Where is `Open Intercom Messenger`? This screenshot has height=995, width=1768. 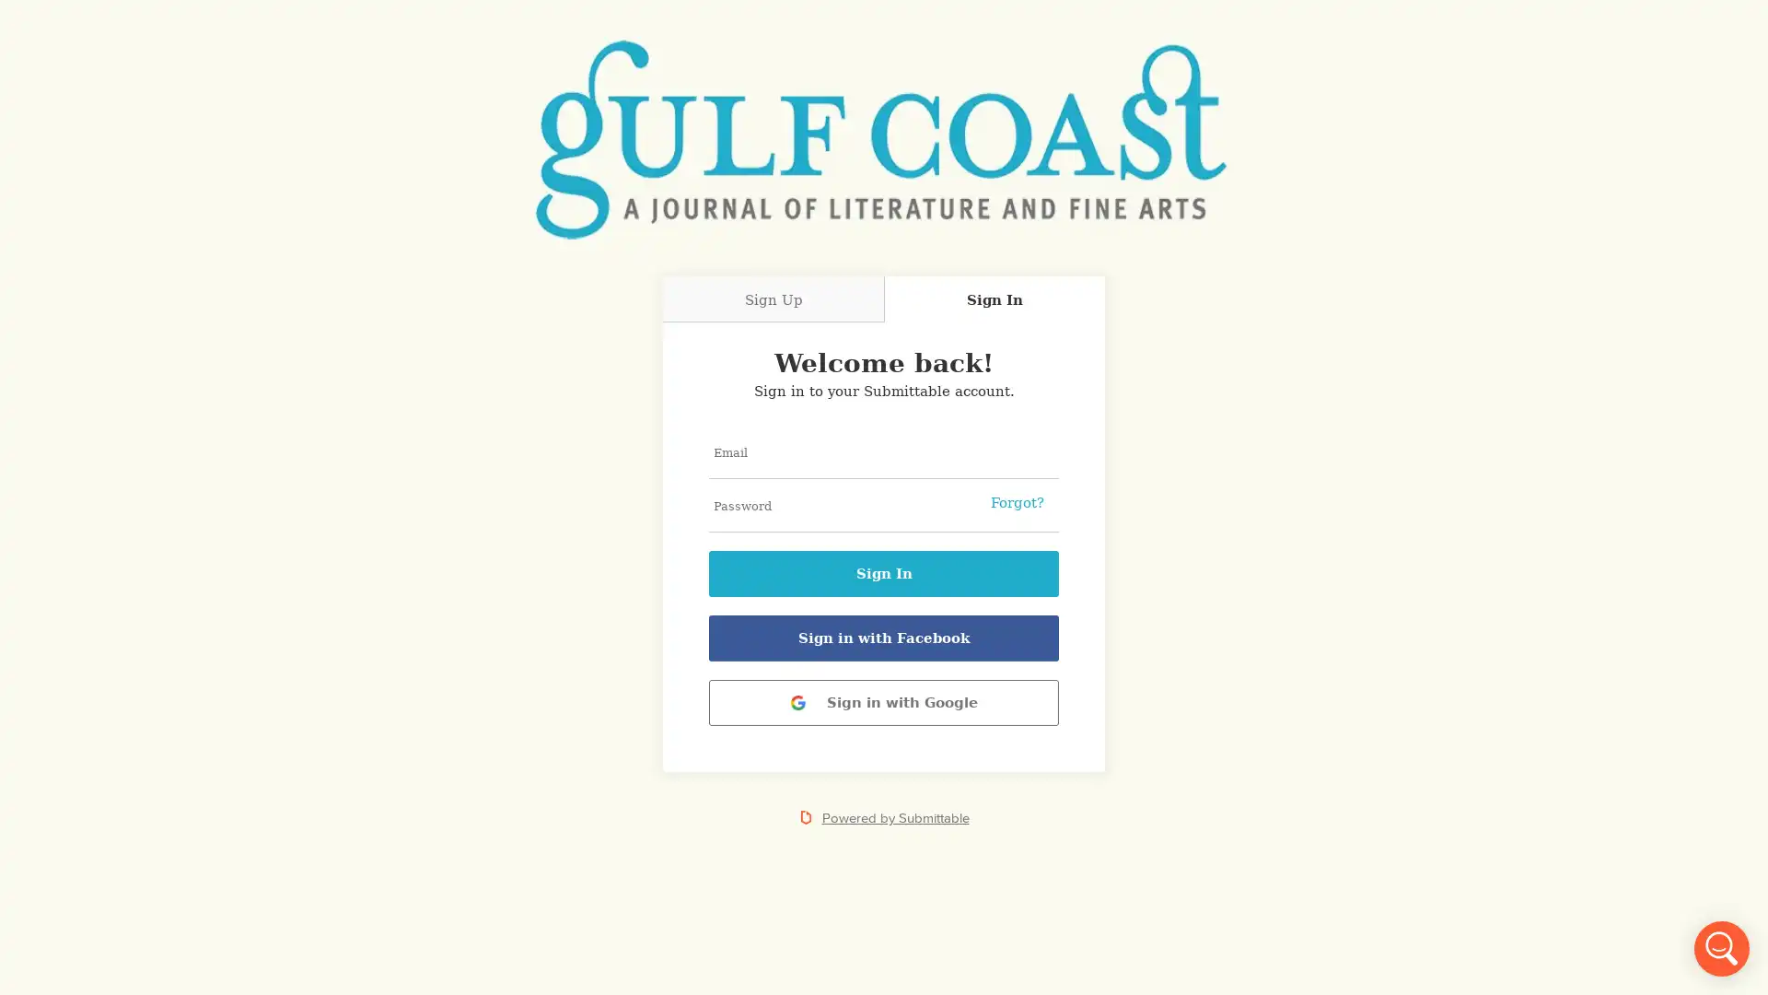 Open Intercom Messenger is located at coordinates (1721, 948).